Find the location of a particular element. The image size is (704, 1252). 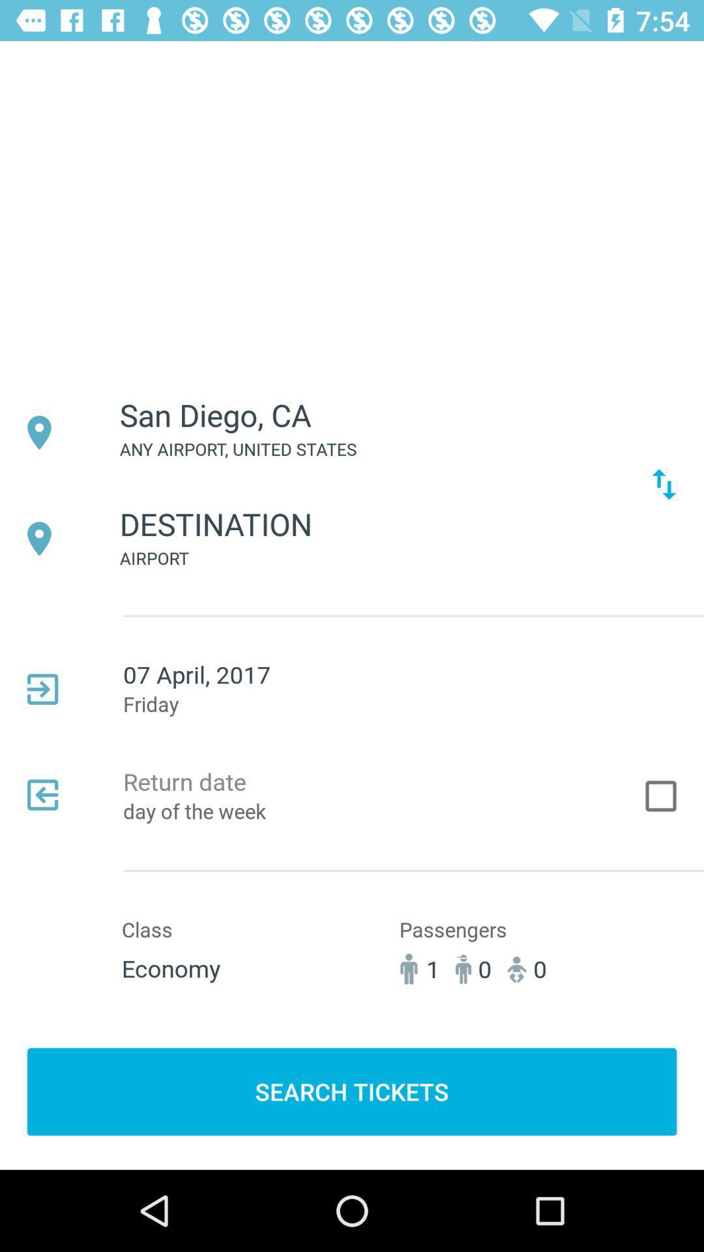

the icon below 1 is located at coordinates (352, 1092).